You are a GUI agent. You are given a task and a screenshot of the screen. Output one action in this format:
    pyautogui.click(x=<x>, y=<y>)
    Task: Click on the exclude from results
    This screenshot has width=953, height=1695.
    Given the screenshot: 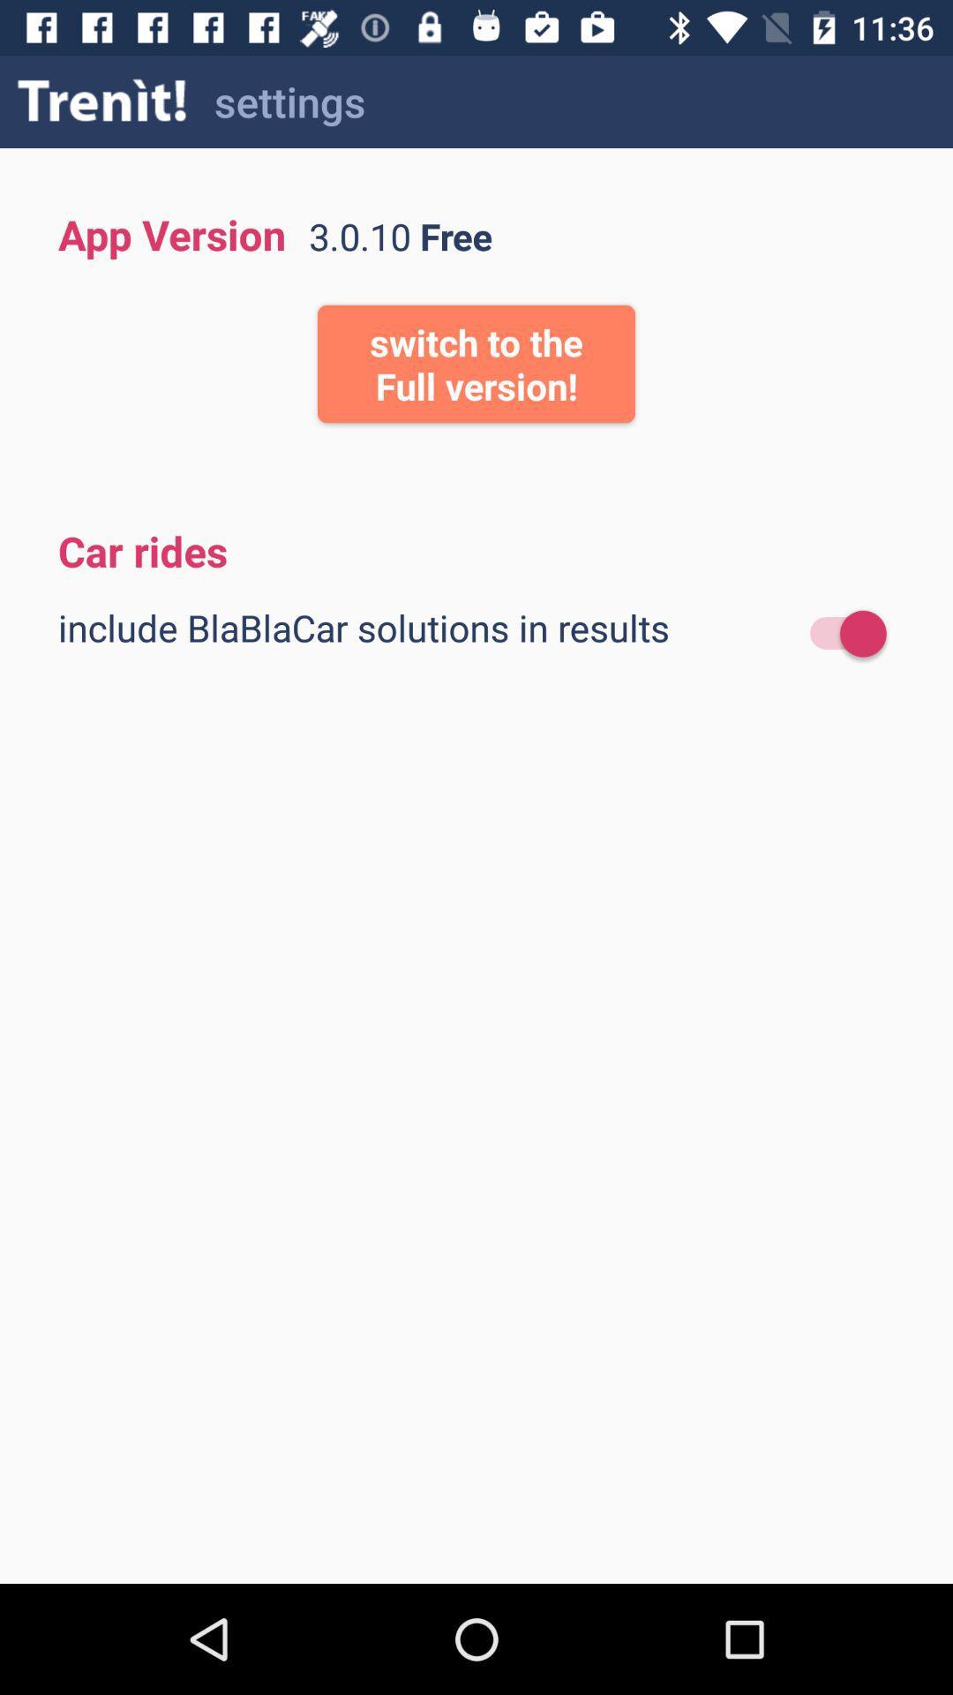 What is the action you would take?
    pyautogui.click(x=838, y=634)
    